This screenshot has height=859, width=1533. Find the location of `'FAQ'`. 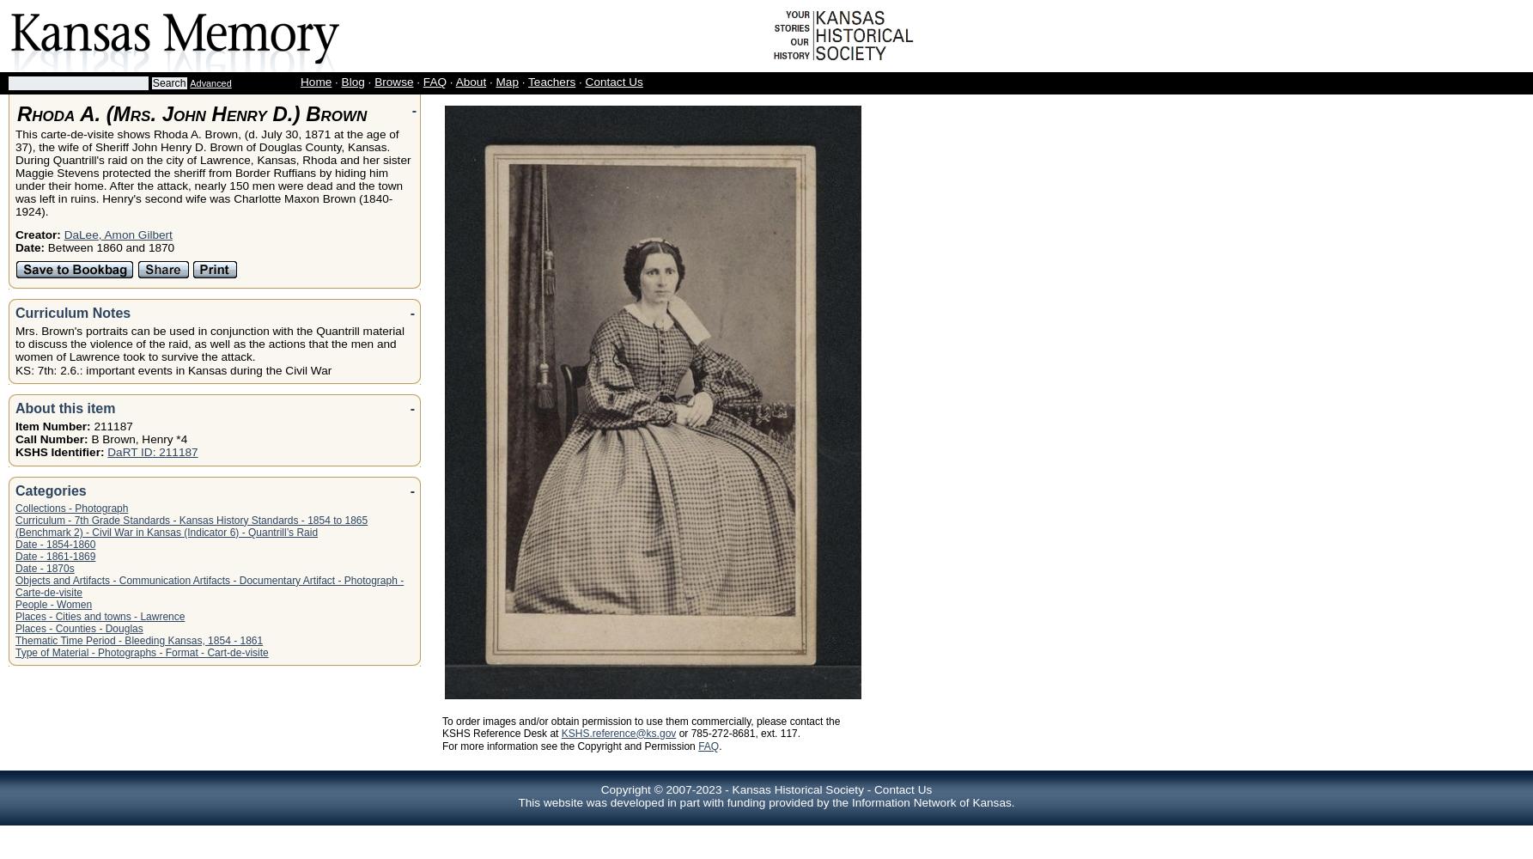

'FAQ' is located at coordinates (434, 81).